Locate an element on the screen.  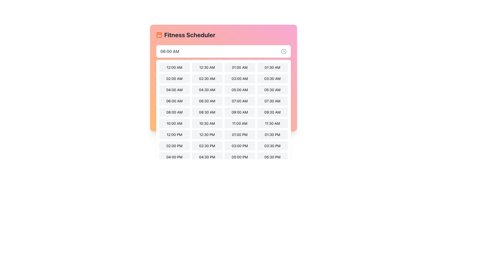
the selectable time option button for 05:00 PM located in the last row and third column of the dropdown menu grid is located at coordinates (239, 157).